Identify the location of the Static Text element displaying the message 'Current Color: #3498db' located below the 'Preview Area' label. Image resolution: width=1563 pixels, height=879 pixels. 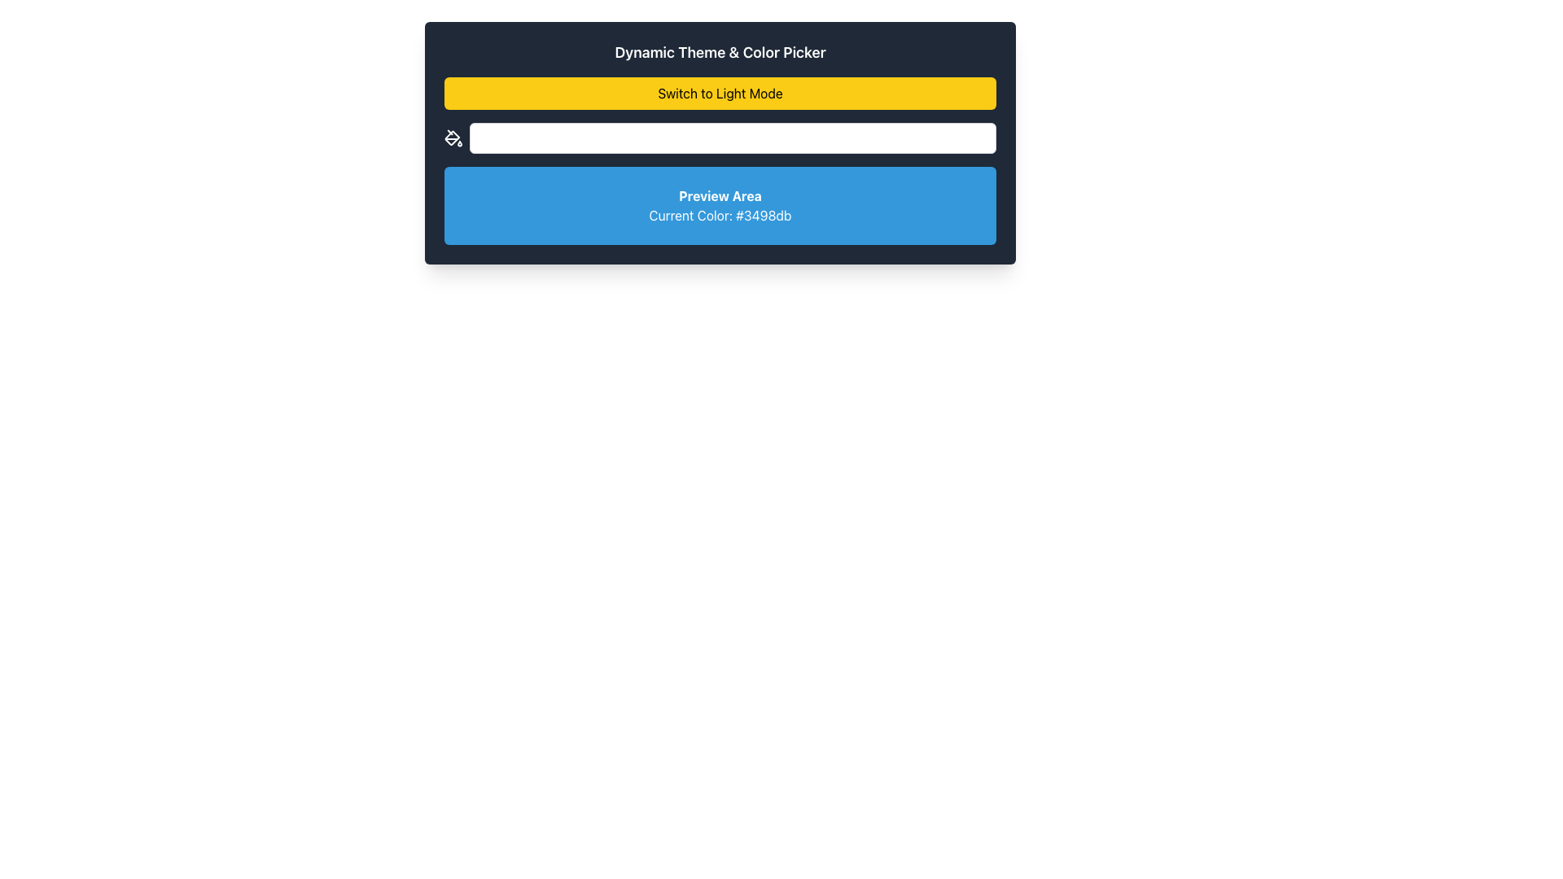
(719, 215).